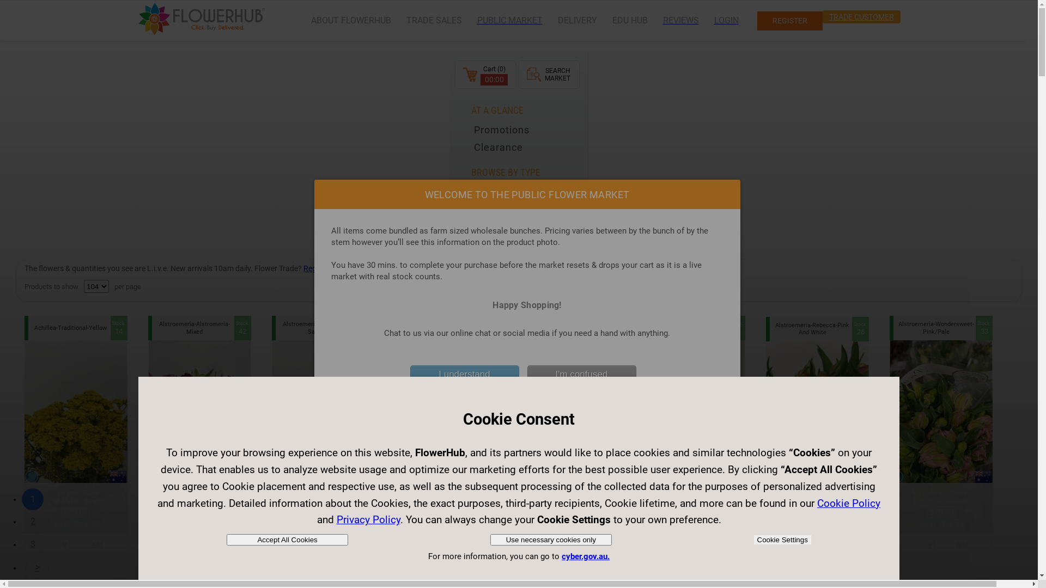  Describe the element at coordinates (33, 544) in the screenshot. I see `'3'` at that location.